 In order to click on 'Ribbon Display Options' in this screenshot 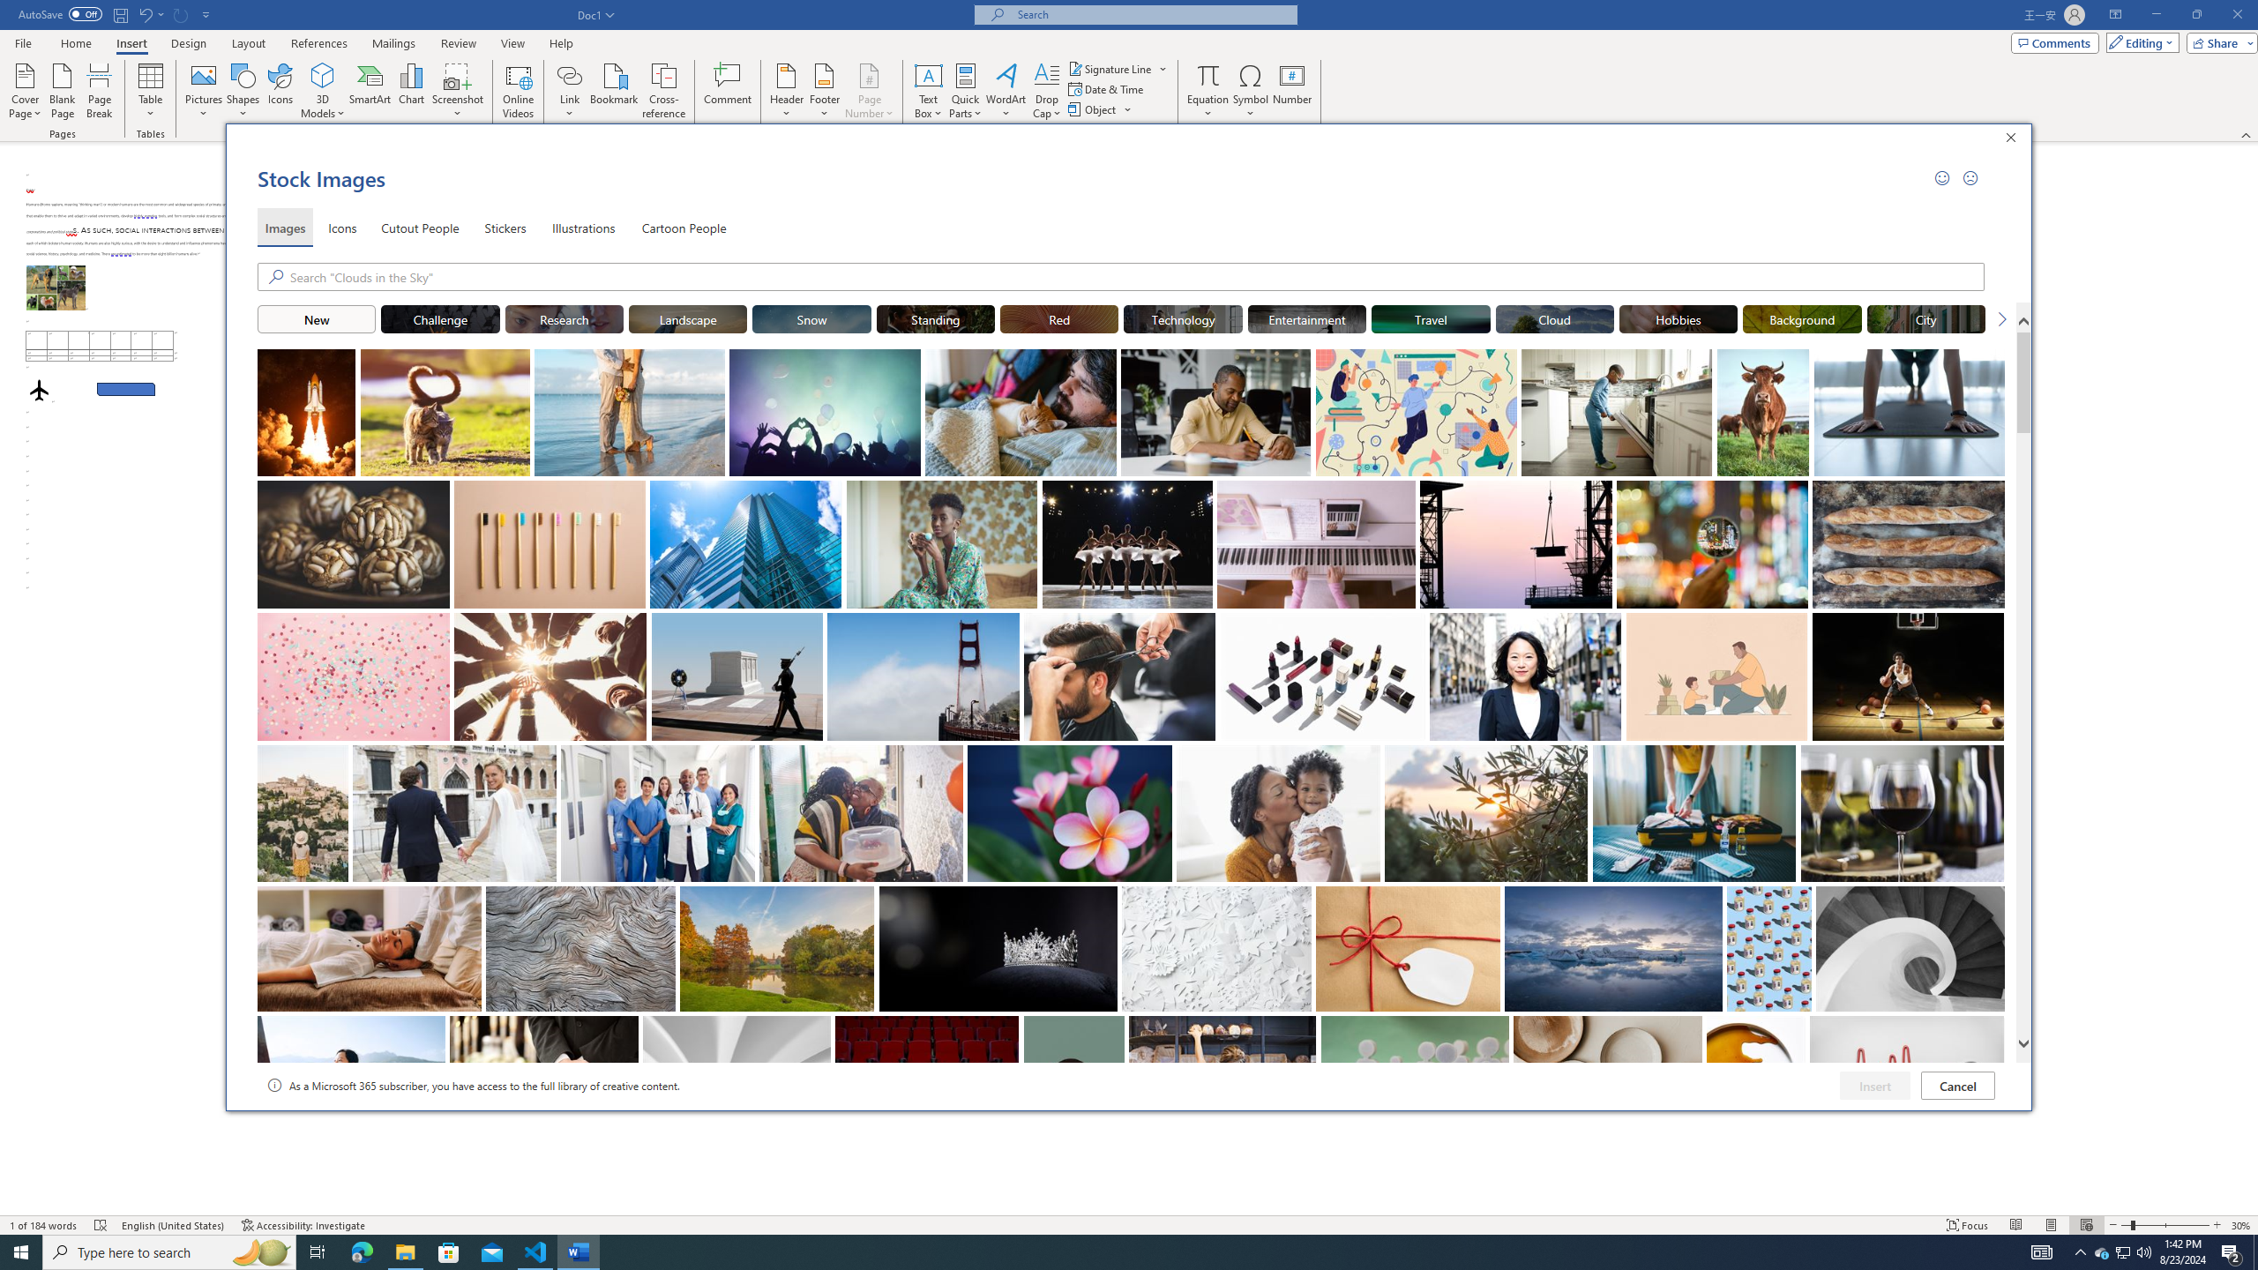, I will do `click(2114, 14)`.